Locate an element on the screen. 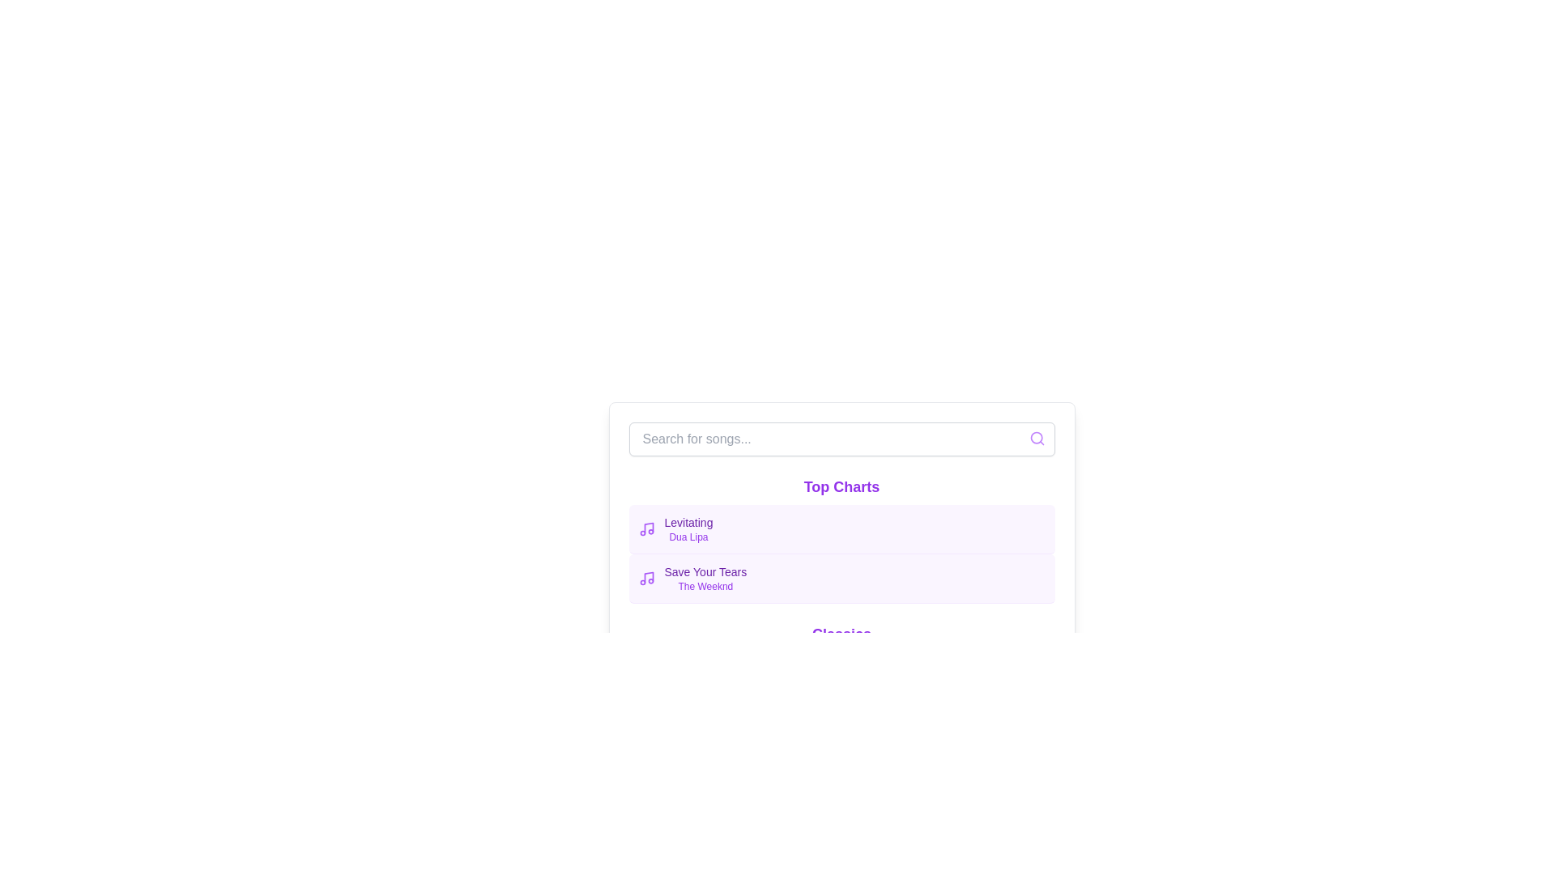 Image resolution: width=1555 pixels, height=874 pixels. text content of the Text label displaying 'Levitating' by Dua Lipa, which is styled with distinct fonts and colors, located under the 'Top Charts' section is located at coordinates (688, 529).